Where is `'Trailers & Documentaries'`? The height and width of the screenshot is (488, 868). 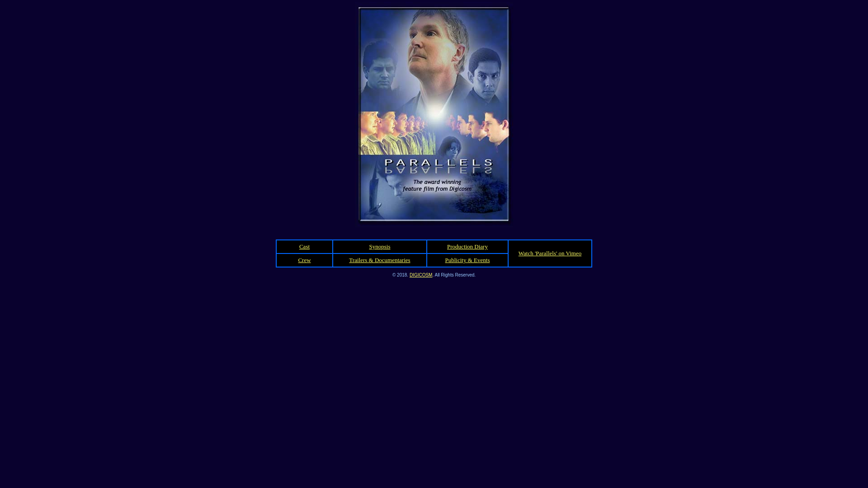
'Trailers & Documentaries' is located at coordinates (379, 260).